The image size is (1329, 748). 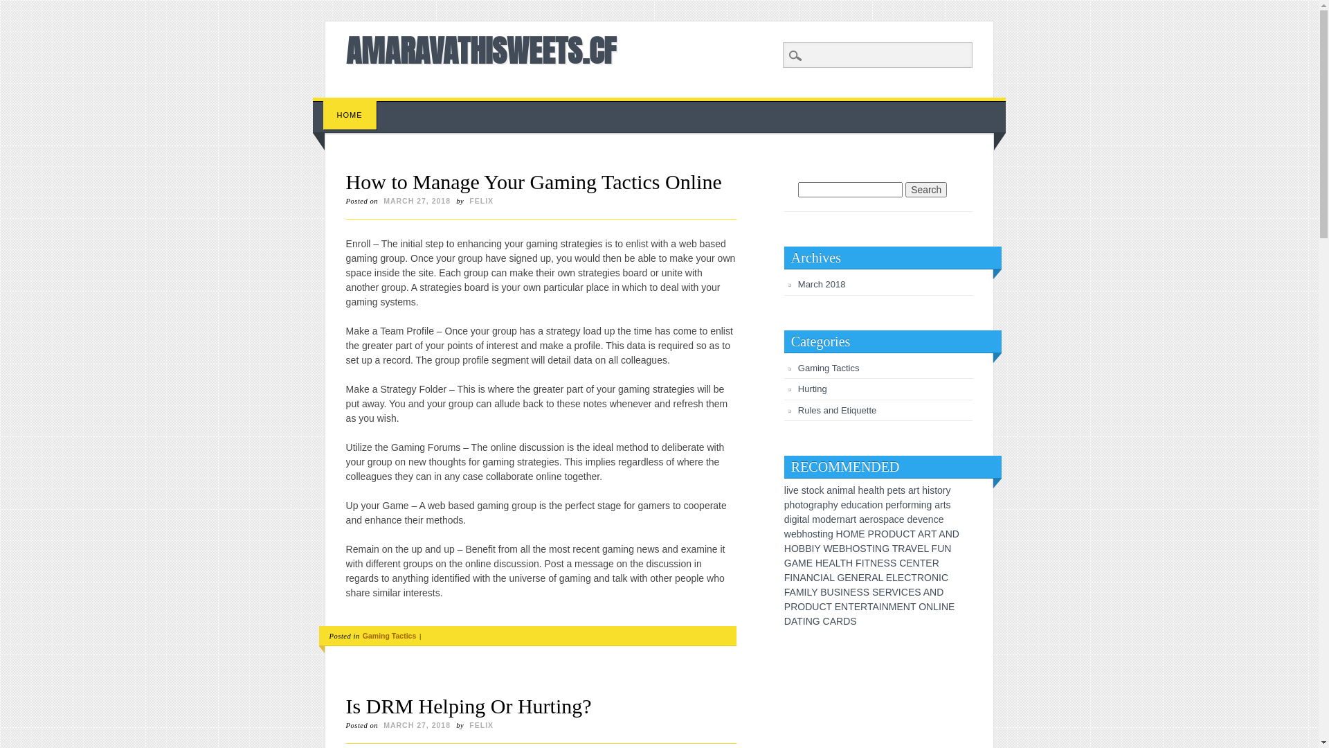 What do you see at coordinates (865, 592) in the screenshot?
I see `'S'` at bounding box center [865, 592].